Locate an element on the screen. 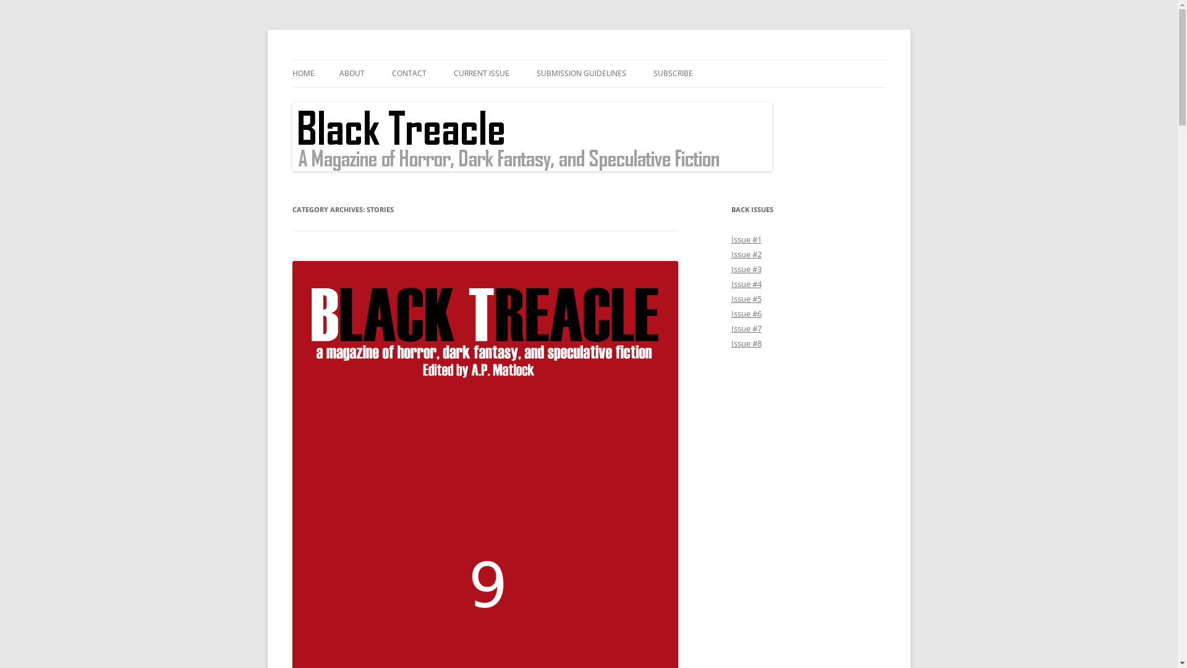  'SUBMISSION GUIDELINES' is located at coordinates (537, 74).